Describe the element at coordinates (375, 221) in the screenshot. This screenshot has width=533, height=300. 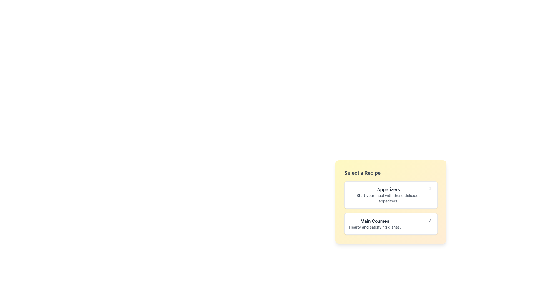
I see `text displayed in the bold 'Main Courses' label, which is located in the lower section of the 'Select a Recipe' card, above the description 'Hearty and satisfying dishes.'` at that location.